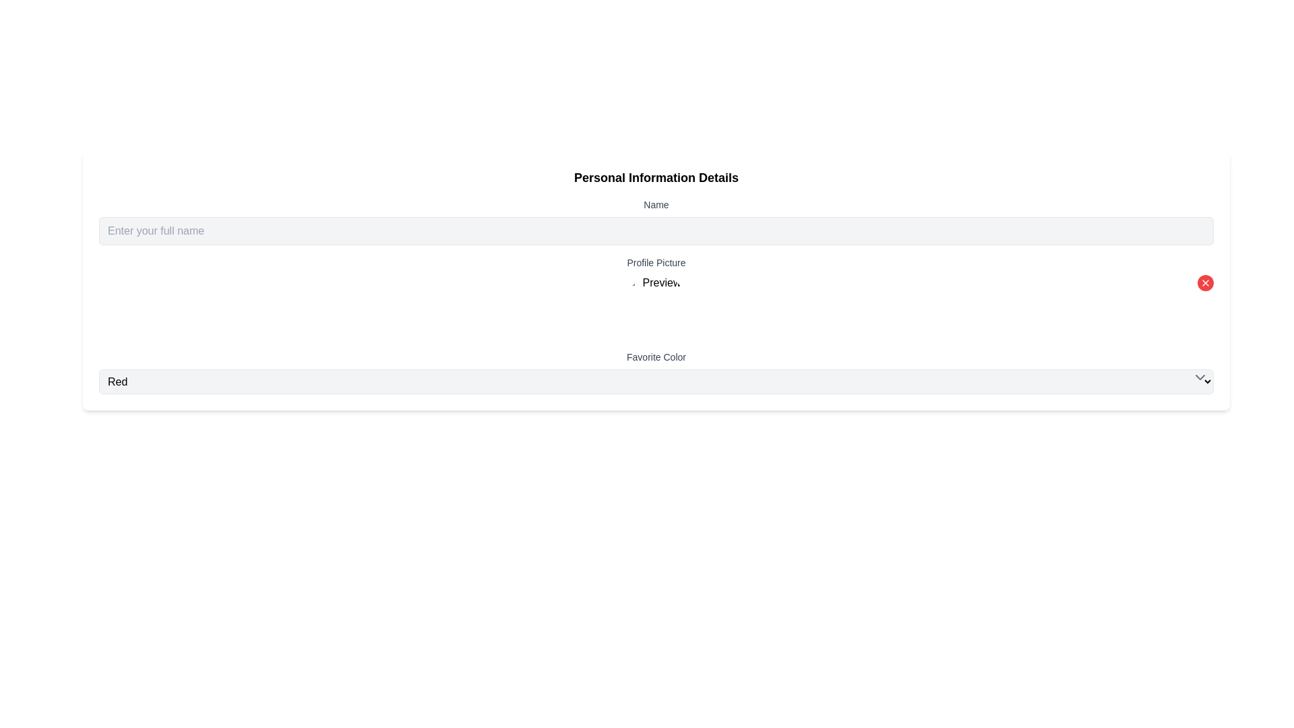 The image size is (1294, 728). I want to click on the chevron icon at the far-right end of the 'Favorite Color' dropdown menu to trigger any potential hover effects, so click(1200, 377).